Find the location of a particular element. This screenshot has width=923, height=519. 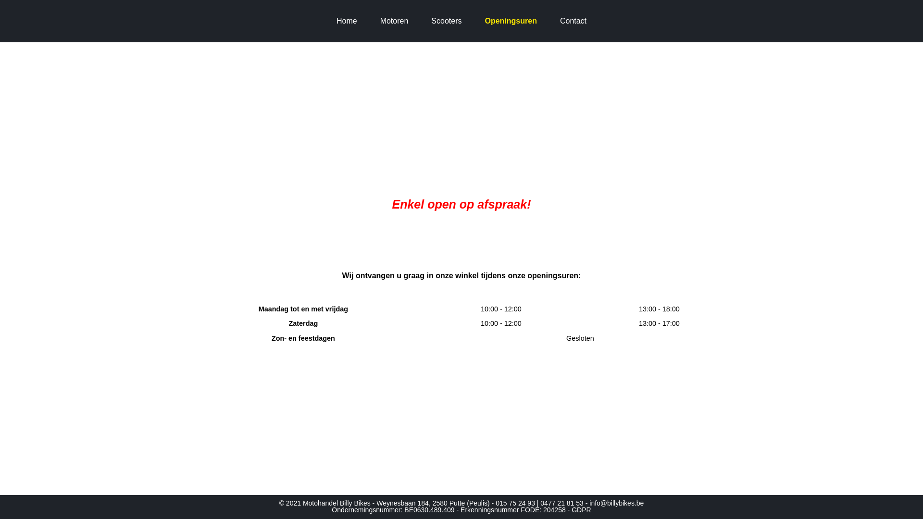

'Home' is located at coordinates (346, 21).